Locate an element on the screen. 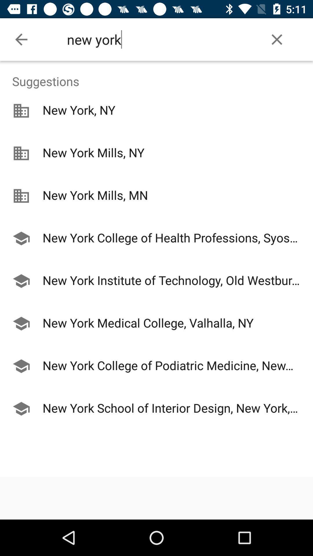 The height and width of the screenshot is (556, 313). the item above the new york college item is located at coordinates (156, 217).